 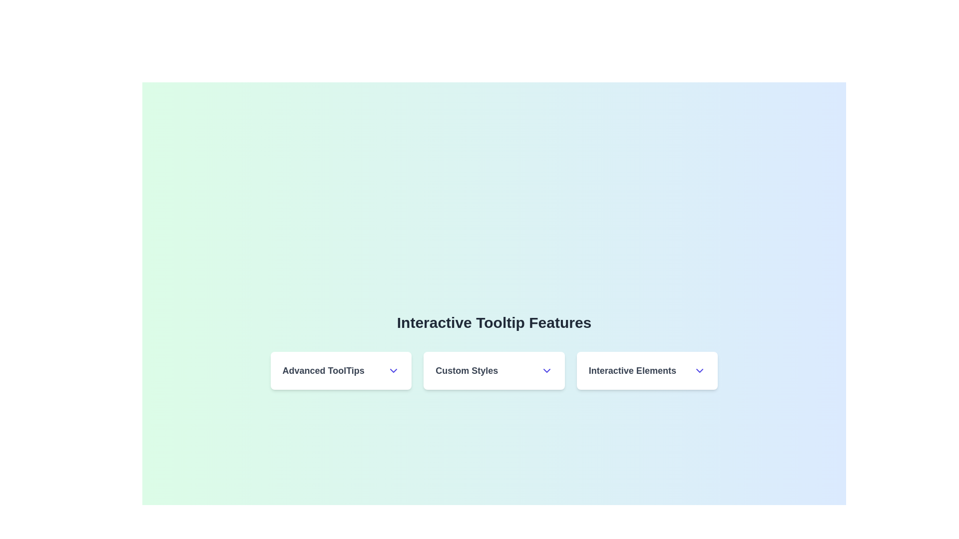 What do you see at coordinates (647, 371) in the screenshot?
I see `the 'Interactive Elements' dropdown menu label` at bounding box center [647, 371].